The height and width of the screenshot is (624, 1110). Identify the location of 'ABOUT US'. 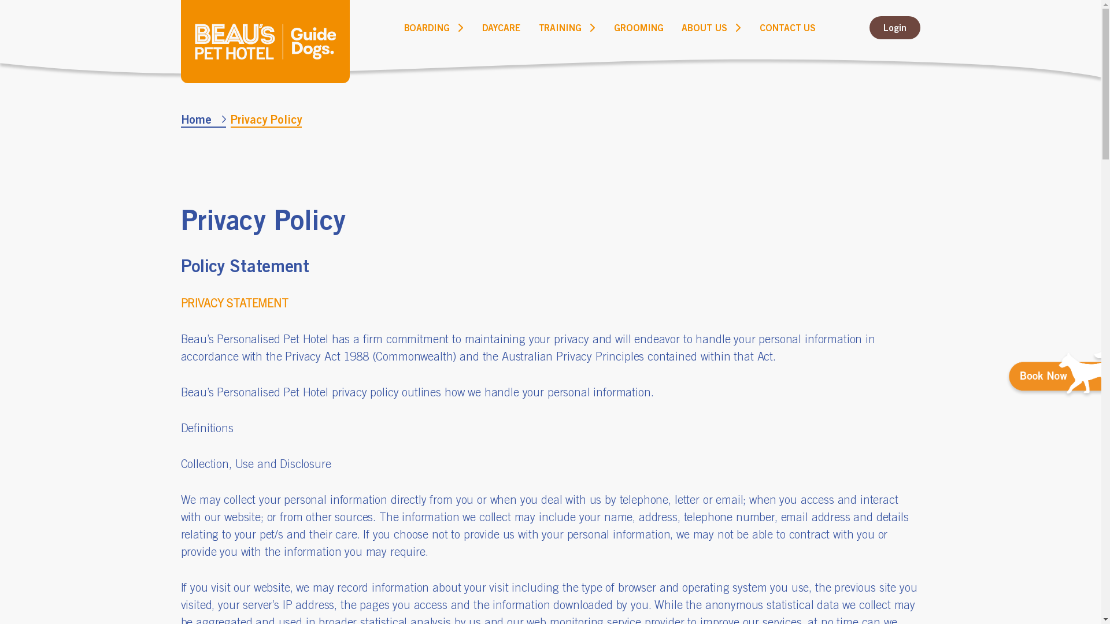
(682, 27).